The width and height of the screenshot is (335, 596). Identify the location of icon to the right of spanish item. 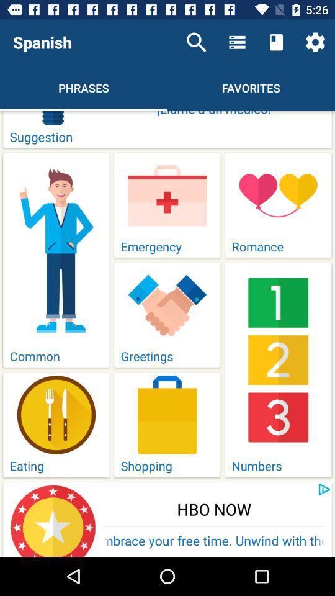
(196, 42).